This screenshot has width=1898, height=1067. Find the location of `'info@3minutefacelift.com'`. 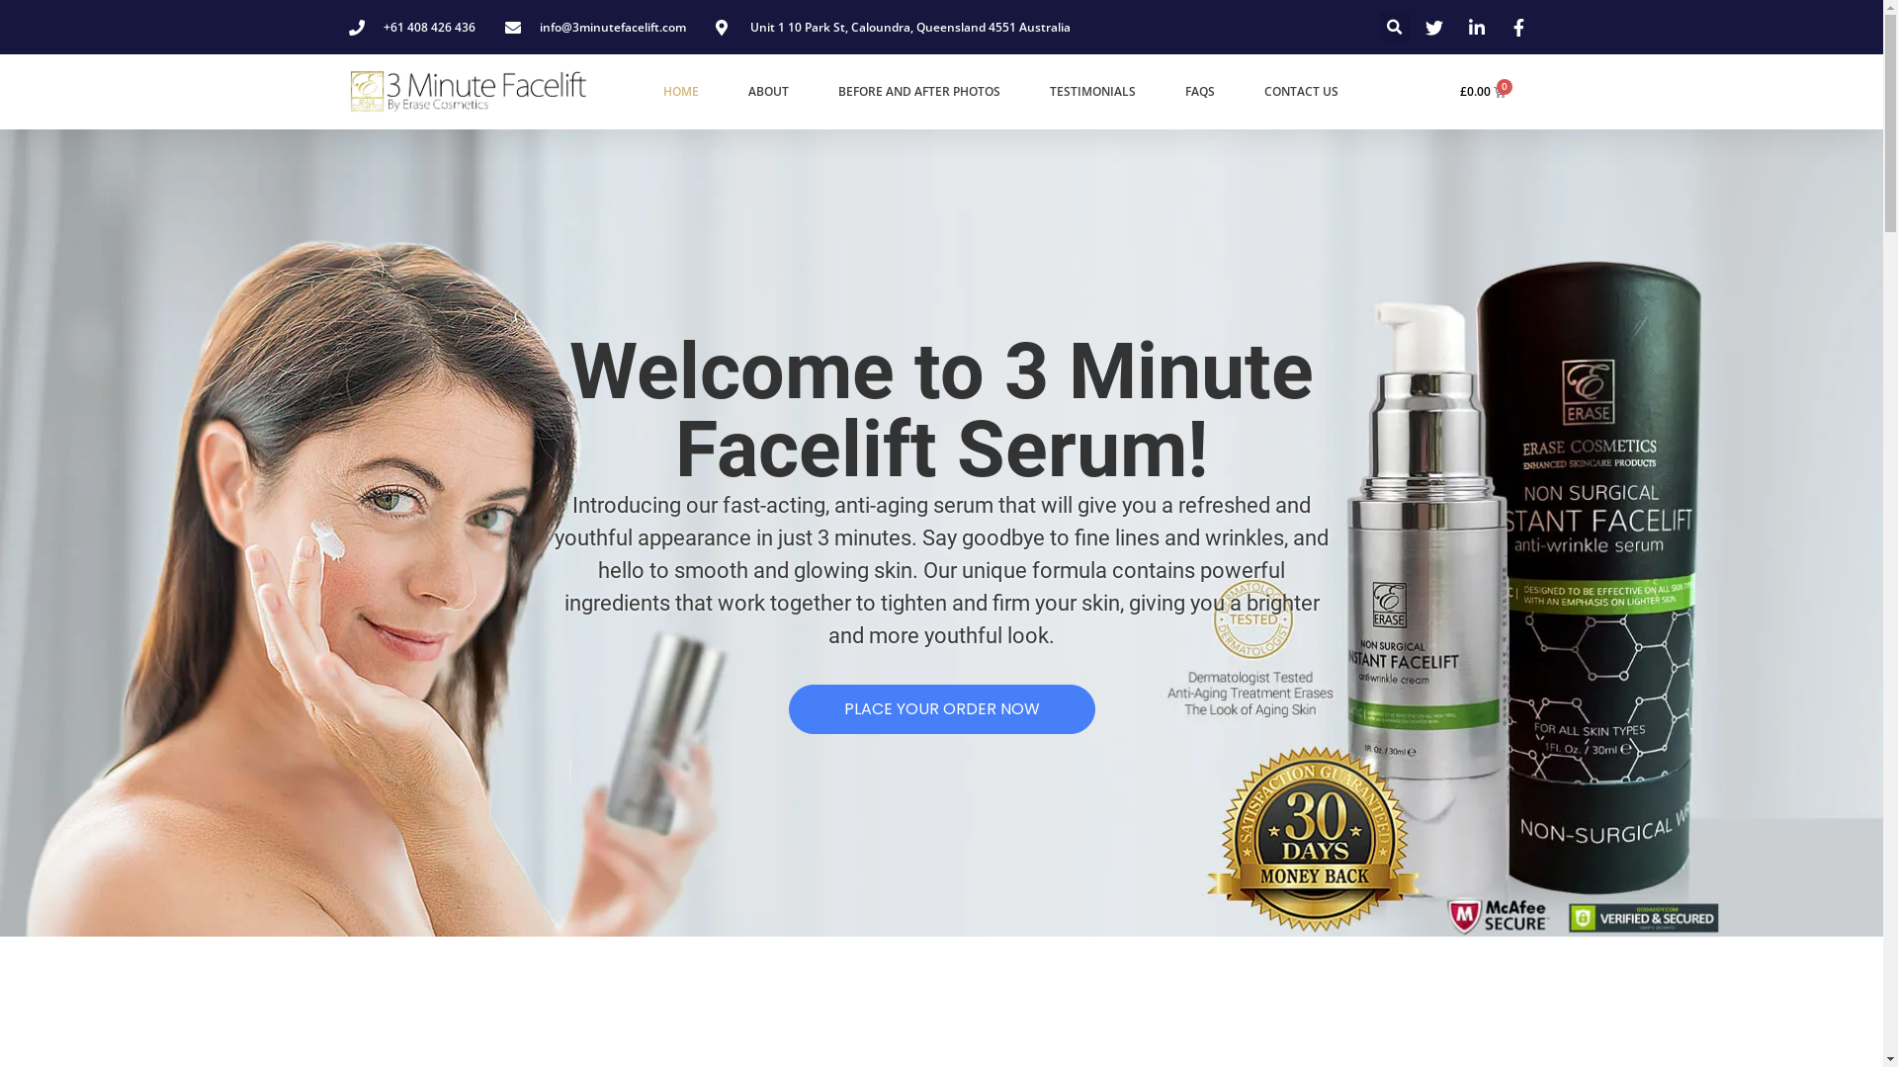

'info@3minutefacelift.com' is located at coordinates (593, 27).